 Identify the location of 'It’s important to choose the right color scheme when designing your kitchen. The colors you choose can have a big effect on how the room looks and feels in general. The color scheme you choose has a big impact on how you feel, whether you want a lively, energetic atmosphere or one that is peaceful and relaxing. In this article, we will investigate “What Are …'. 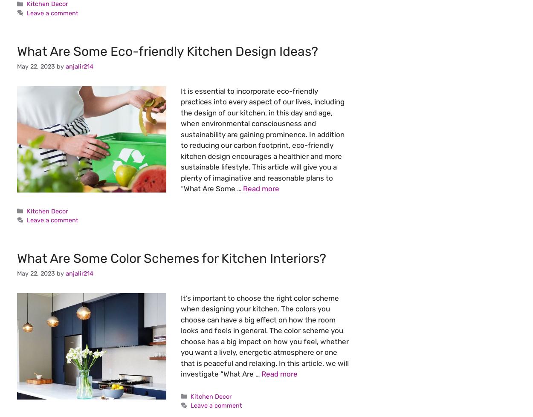
(264, 335).